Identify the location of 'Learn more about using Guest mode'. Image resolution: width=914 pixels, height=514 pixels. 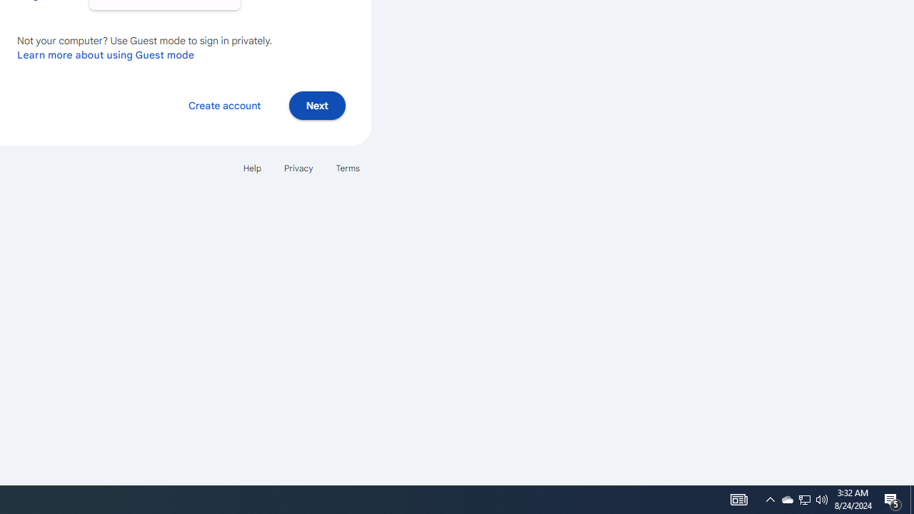
(105, 54).